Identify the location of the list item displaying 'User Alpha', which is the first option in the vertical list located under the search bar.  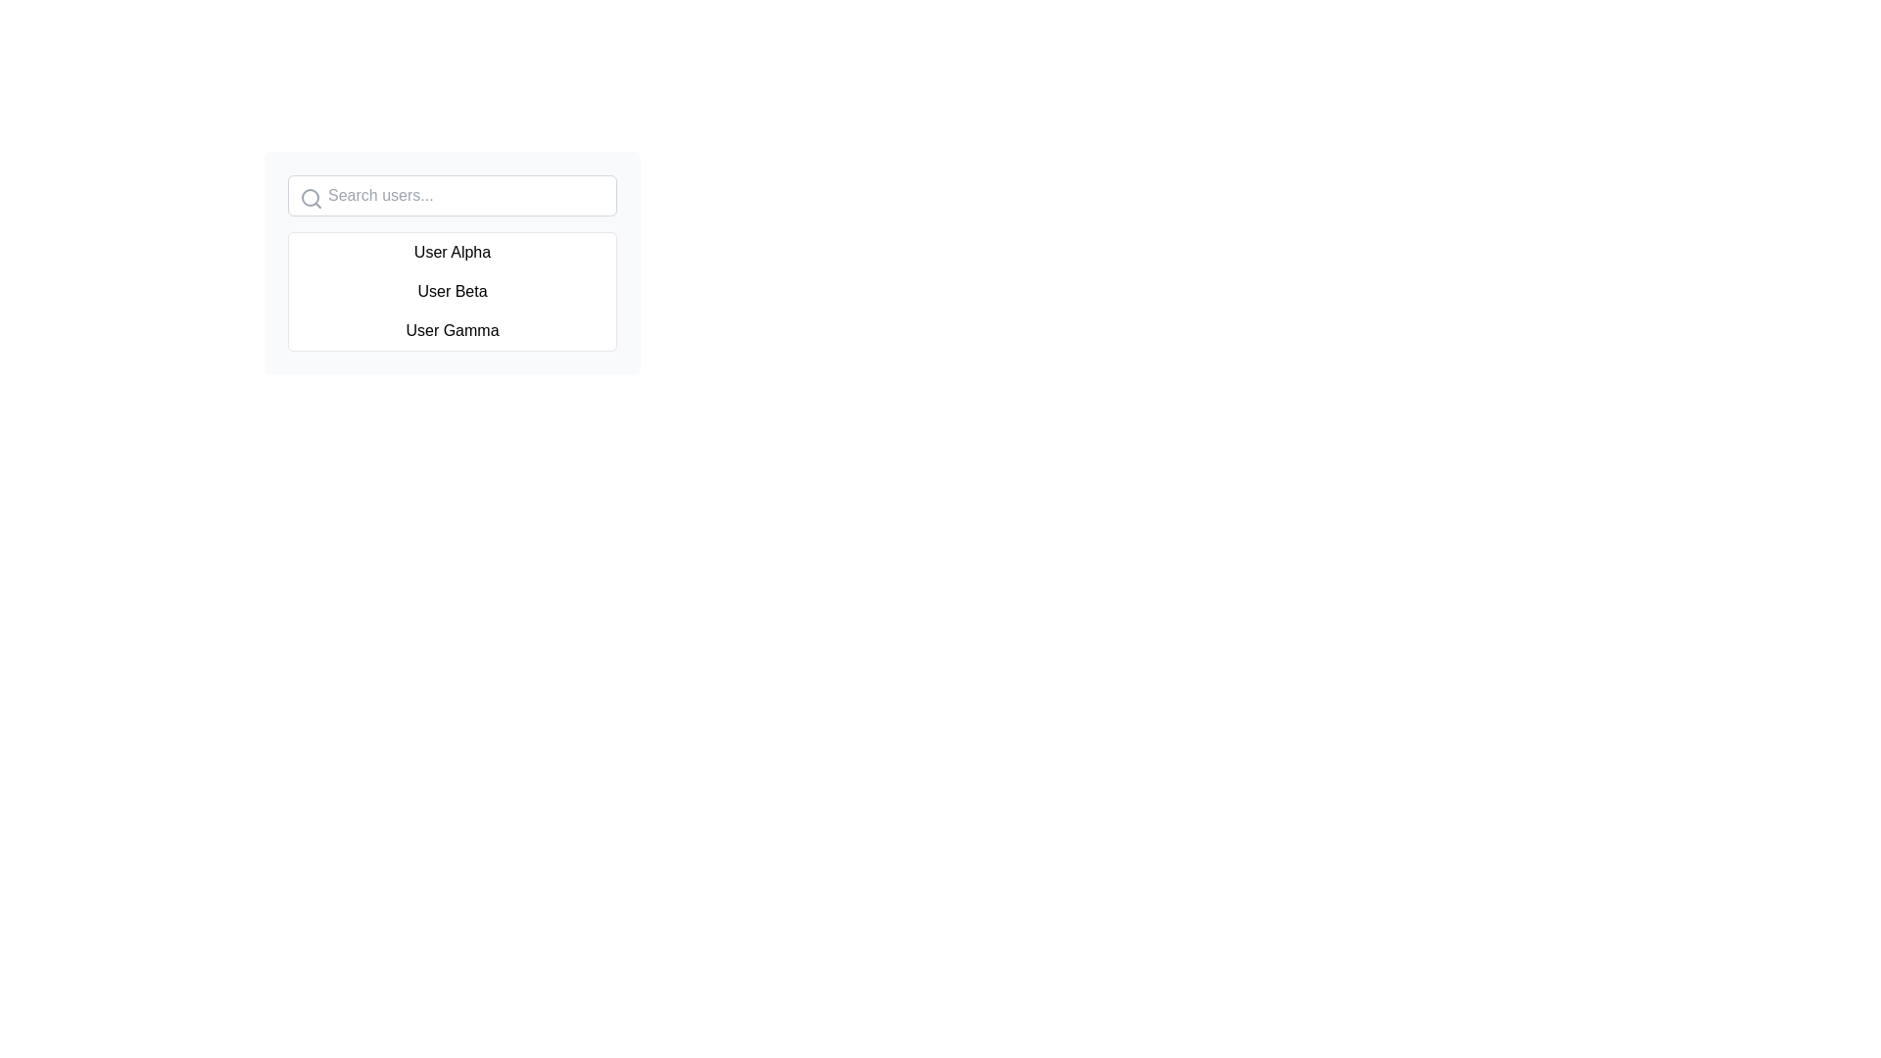
(451, 252).